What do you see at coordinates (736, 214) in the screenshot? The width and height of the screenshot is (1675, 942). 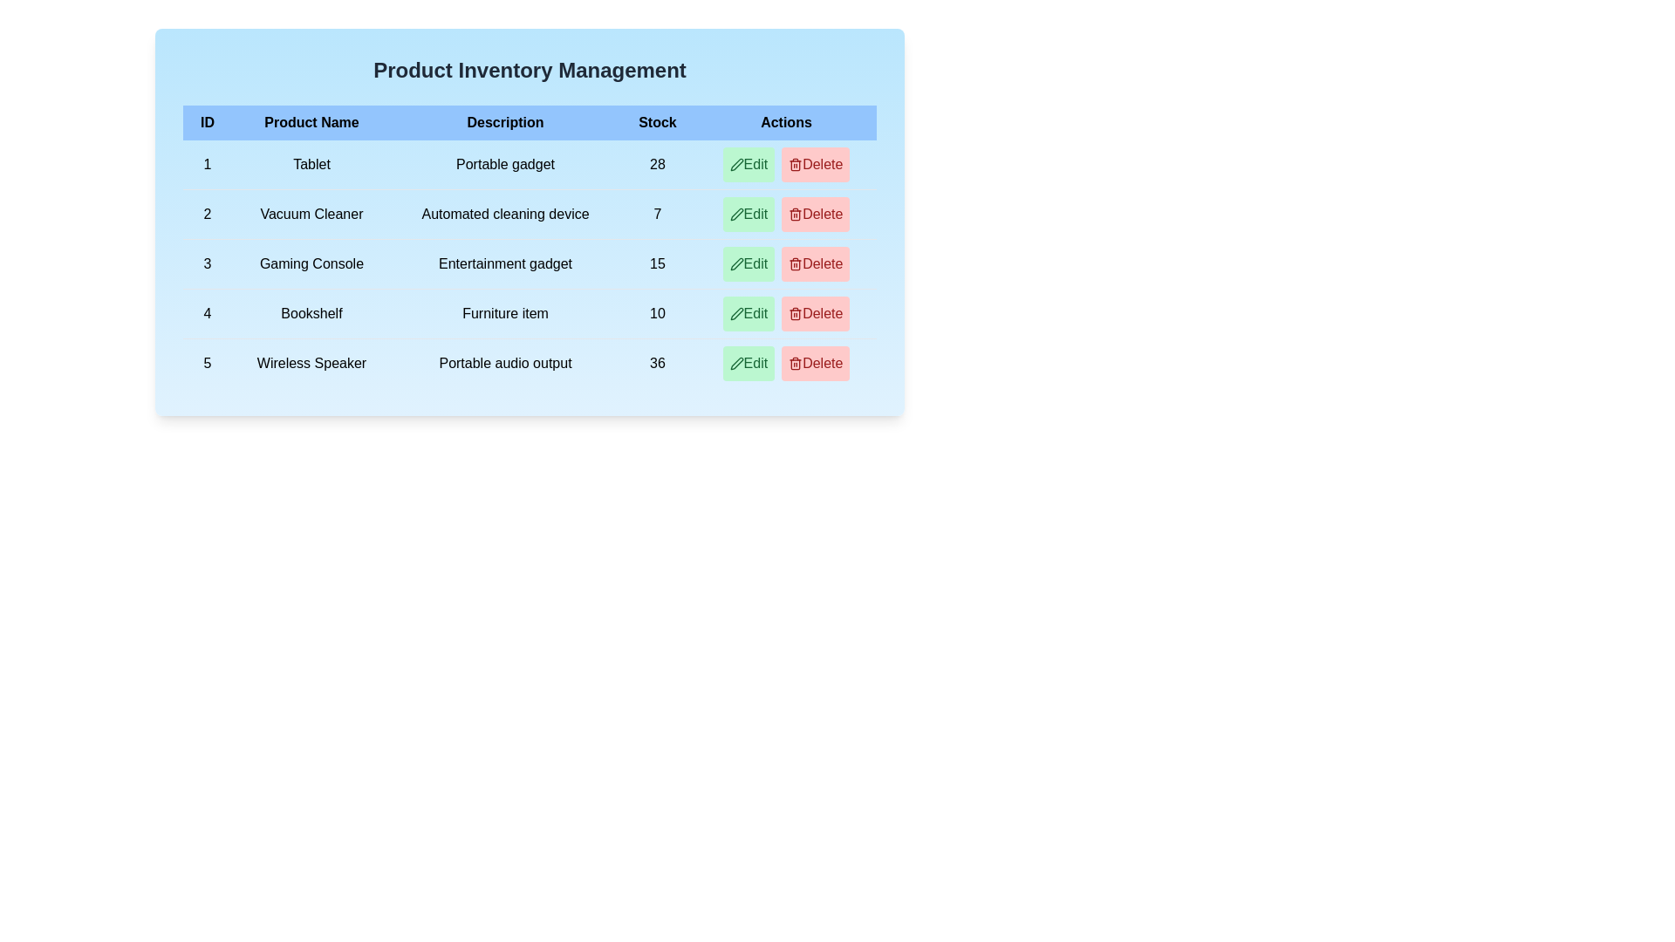 I see `the icon button in the second row of the table under the 'Actions' column to initiate editing of the product's details` at bounding box center [736, 214].